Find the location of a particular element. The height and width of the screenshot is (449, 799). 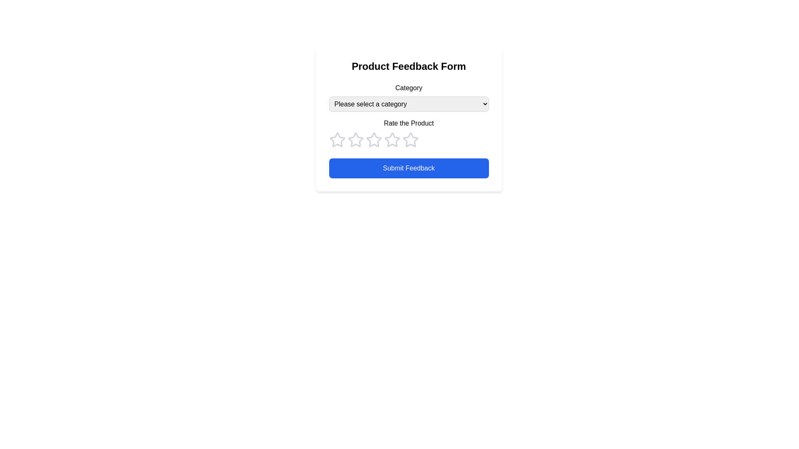

the second star icon in the five-star rating system is located at coordinates (373, 139).